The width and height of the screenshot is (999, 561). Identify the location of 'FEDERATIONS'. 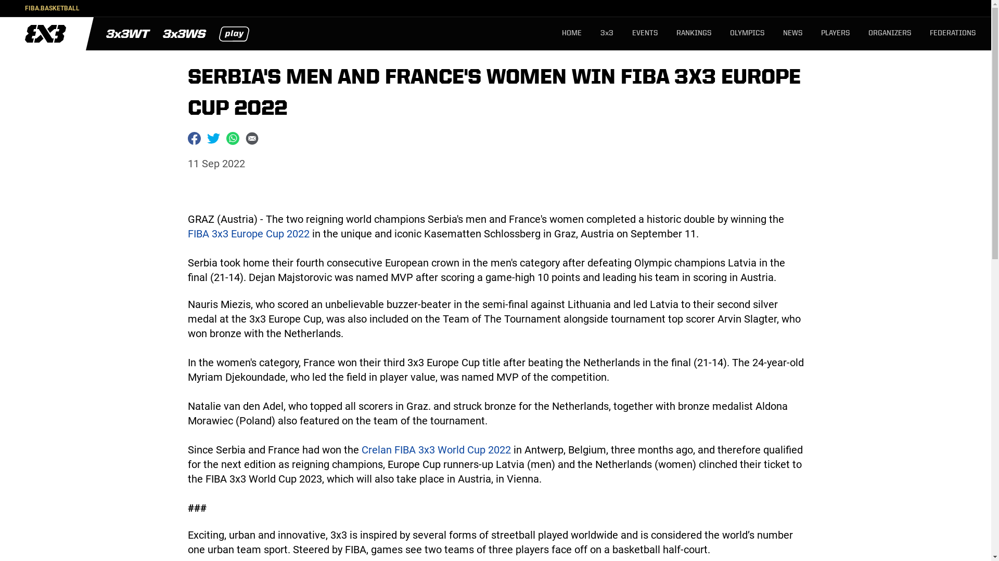
(952, 33).